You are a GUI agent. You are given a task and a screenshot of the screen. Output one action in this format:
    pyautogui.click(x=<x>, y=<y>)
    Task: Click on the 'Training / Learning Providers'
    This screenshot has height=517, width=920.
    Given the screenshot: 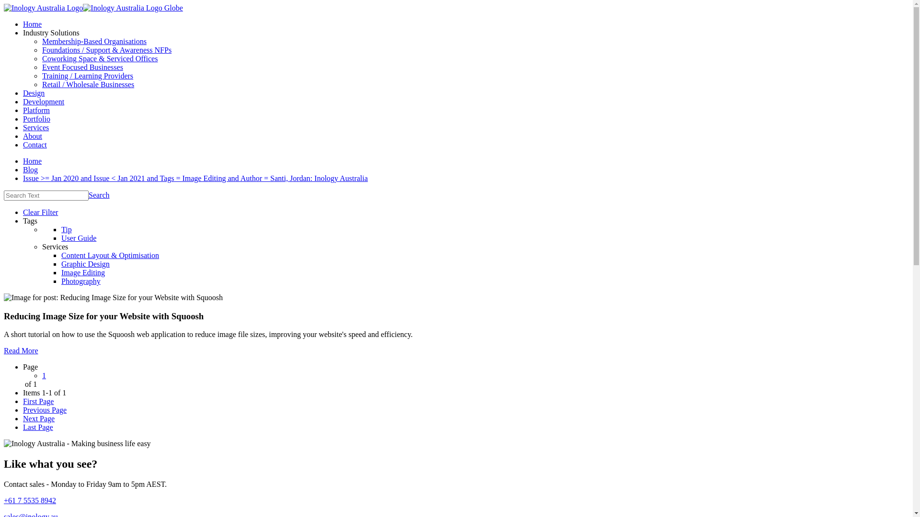 What is the action you would take?
    pyautogui.click(x=87, y=75)
    